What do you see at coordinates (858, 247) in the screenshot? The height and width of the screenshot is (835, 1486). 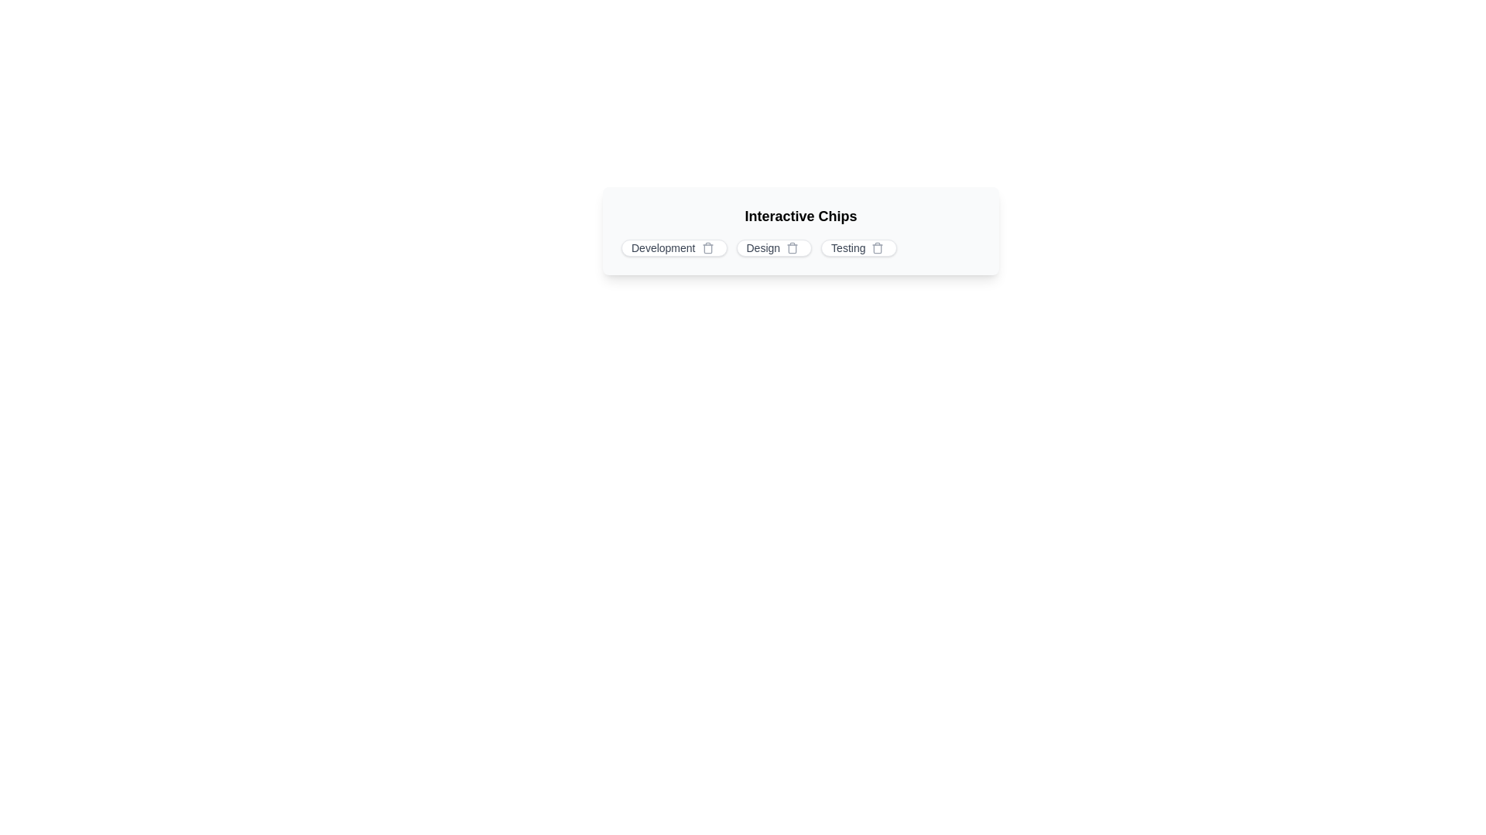 I see `the chip labeled Testing to display its tooltip` at bounding box center [858, 247].